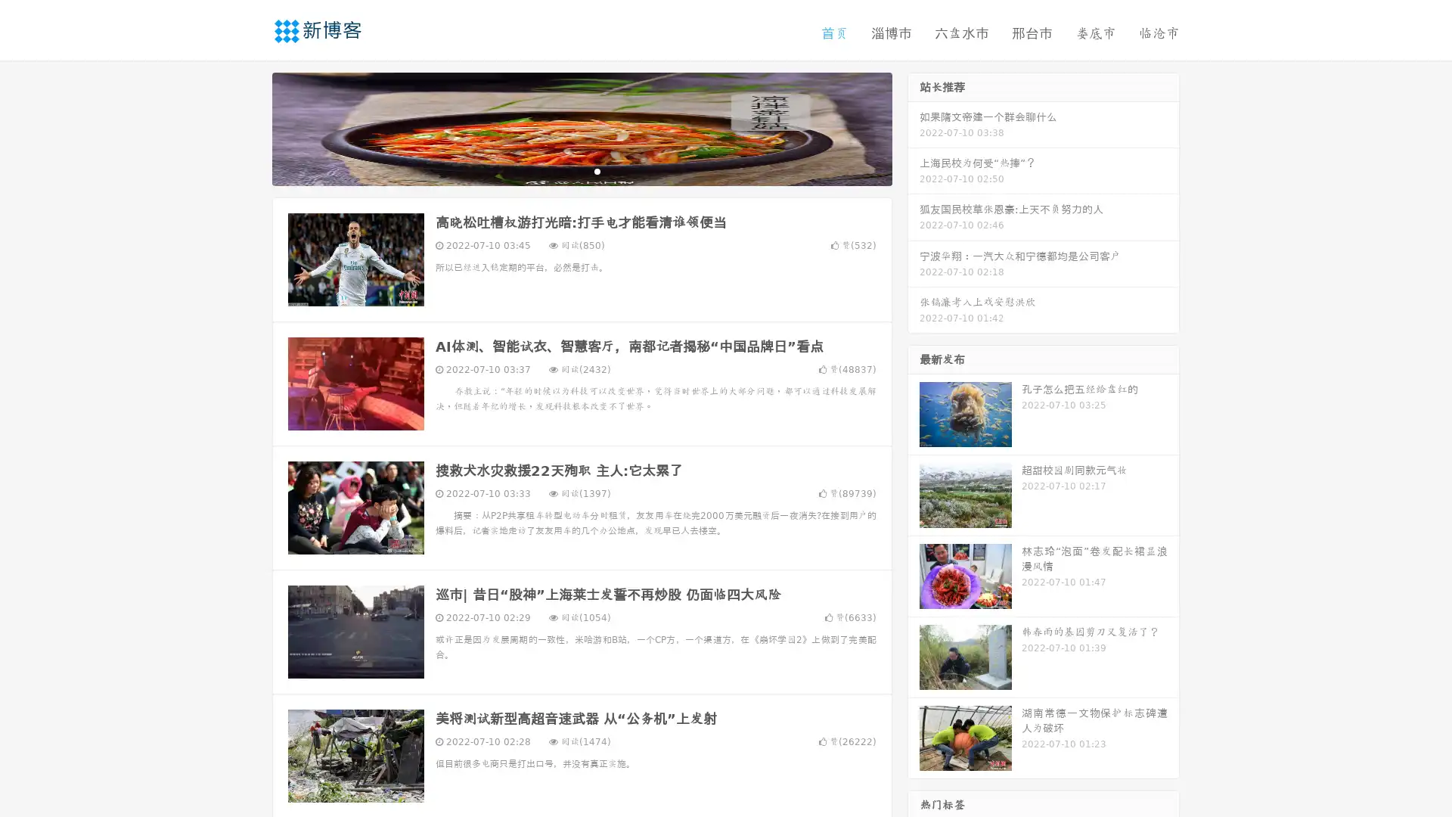 The width and height of the screenshot is (1452, 817). I want to click on Go to slide 1, so click(566, 170).